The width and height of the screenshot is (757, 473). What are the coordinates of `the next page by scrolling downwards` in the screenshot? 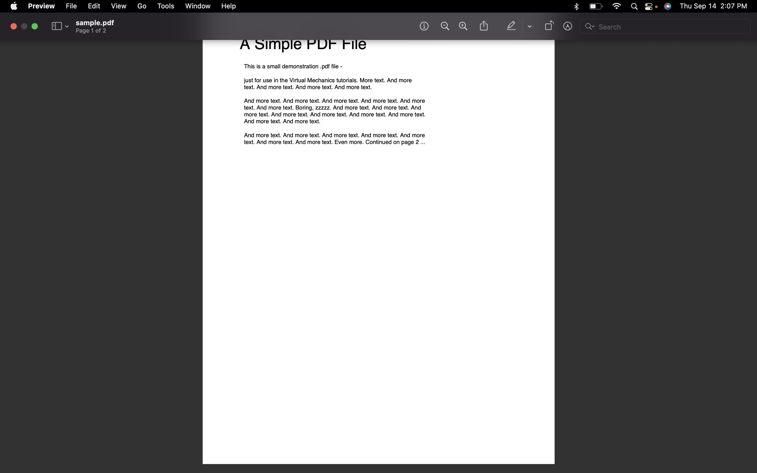 It's located at (1095000, 460465).